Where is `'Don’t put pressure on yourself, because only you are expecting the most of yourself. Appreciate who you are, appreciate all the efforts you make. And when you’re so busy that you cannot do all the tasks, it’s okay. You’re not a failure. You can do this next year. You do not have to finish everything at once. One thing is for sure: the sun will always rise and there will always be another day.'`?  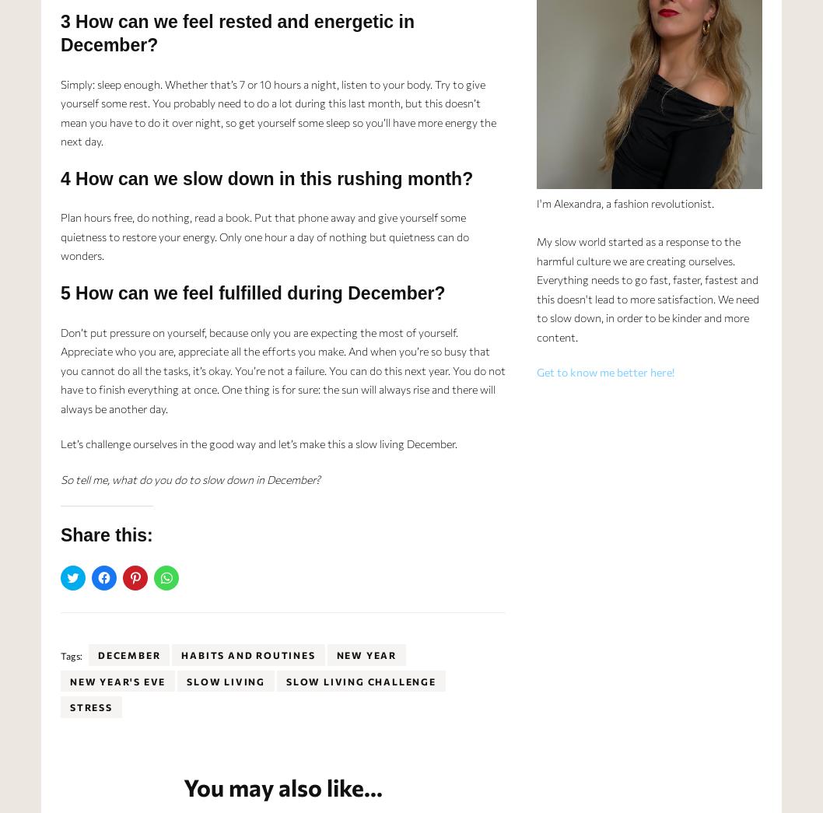 'Don’t put pressure on yourself, because only you are expecting the most of yourself. Appreciate who you are, appreciate all the efforts you make. And when you’re so busy that you cannot do all the tasks, it’s okay. You’re not a failure. You can do this next year. You do not have to finish everything at once. One thing is for sure: the sun will always rise and there will always be another day.' is located at coordinates (282, 369).